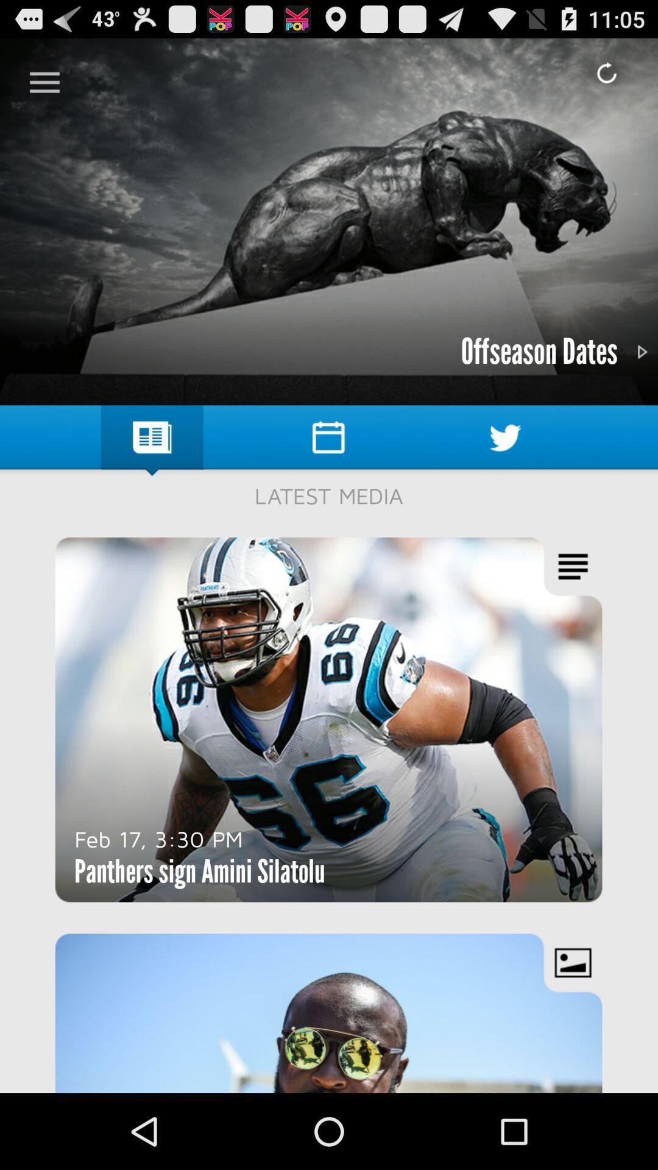 The height and width of the screenshot is (1170, 658). What do you see at coordinates (606, 73) in the screenshot?
I see `the refresh icon` at bounding box center [606, 73].